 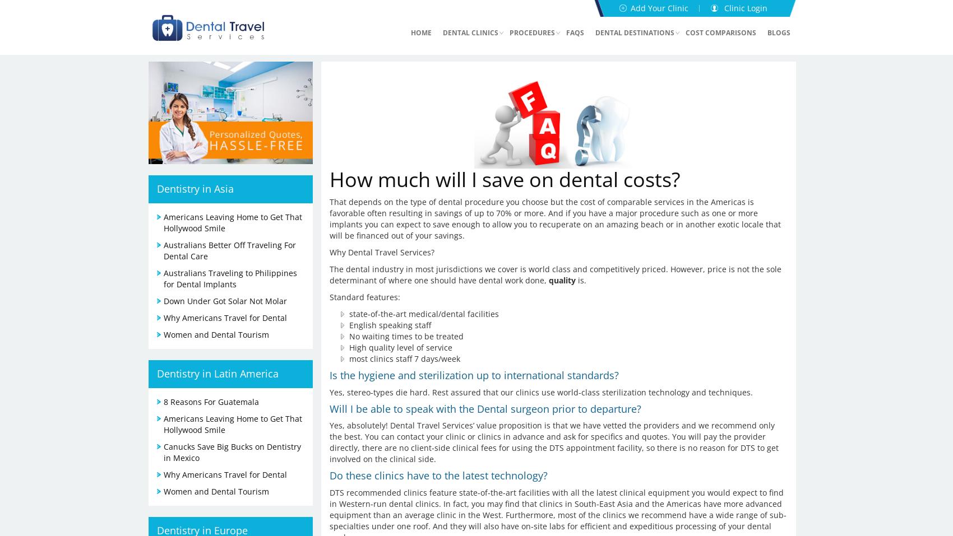 What do you see at coordinates (381, 251) in the screenshot?
I see `'Why Dental Travel Services?'` at bounding box center [381, 251].